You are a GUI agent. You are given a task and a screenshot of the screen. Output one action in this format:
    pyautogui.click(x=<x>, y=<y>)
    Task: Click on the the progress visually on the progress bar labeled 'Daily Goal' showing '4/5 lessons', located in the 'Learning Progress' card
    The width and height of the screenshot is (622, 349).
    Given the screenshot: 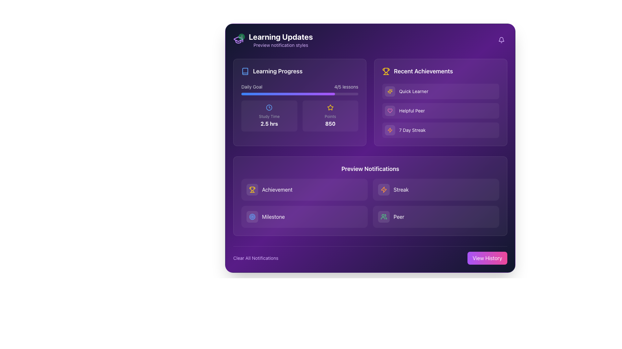 What is the action you would take?
    pyautogui.click(x=299, y=90)
    